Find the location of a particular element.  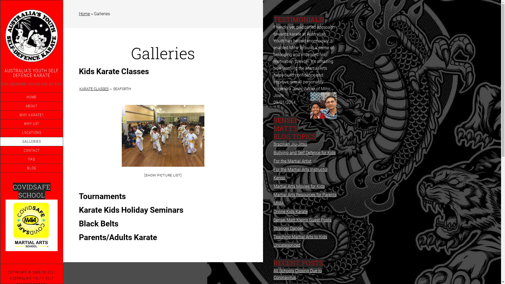

'Martial Arts Resources for Parents' is located at coordinates (274, 195).